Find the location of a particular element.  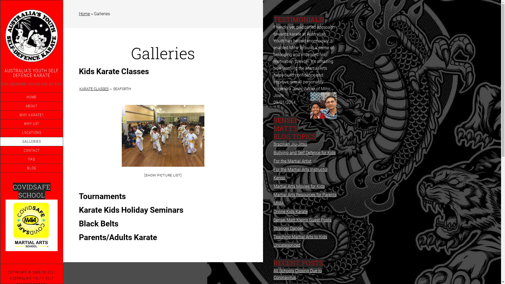

'Martial Arts Resources for Parents' is located at coordinates (274, 195).